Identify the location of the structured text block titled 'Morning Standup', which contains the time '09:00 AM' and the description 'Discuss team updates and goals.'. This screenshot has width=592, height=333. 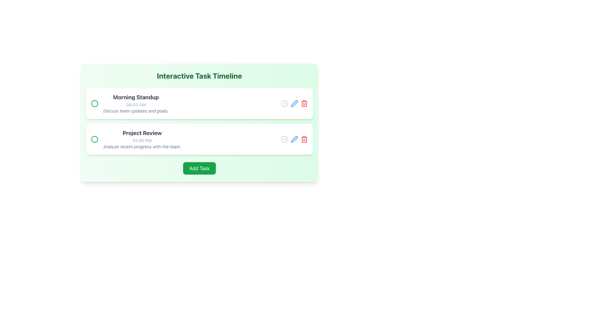
(136, 103).